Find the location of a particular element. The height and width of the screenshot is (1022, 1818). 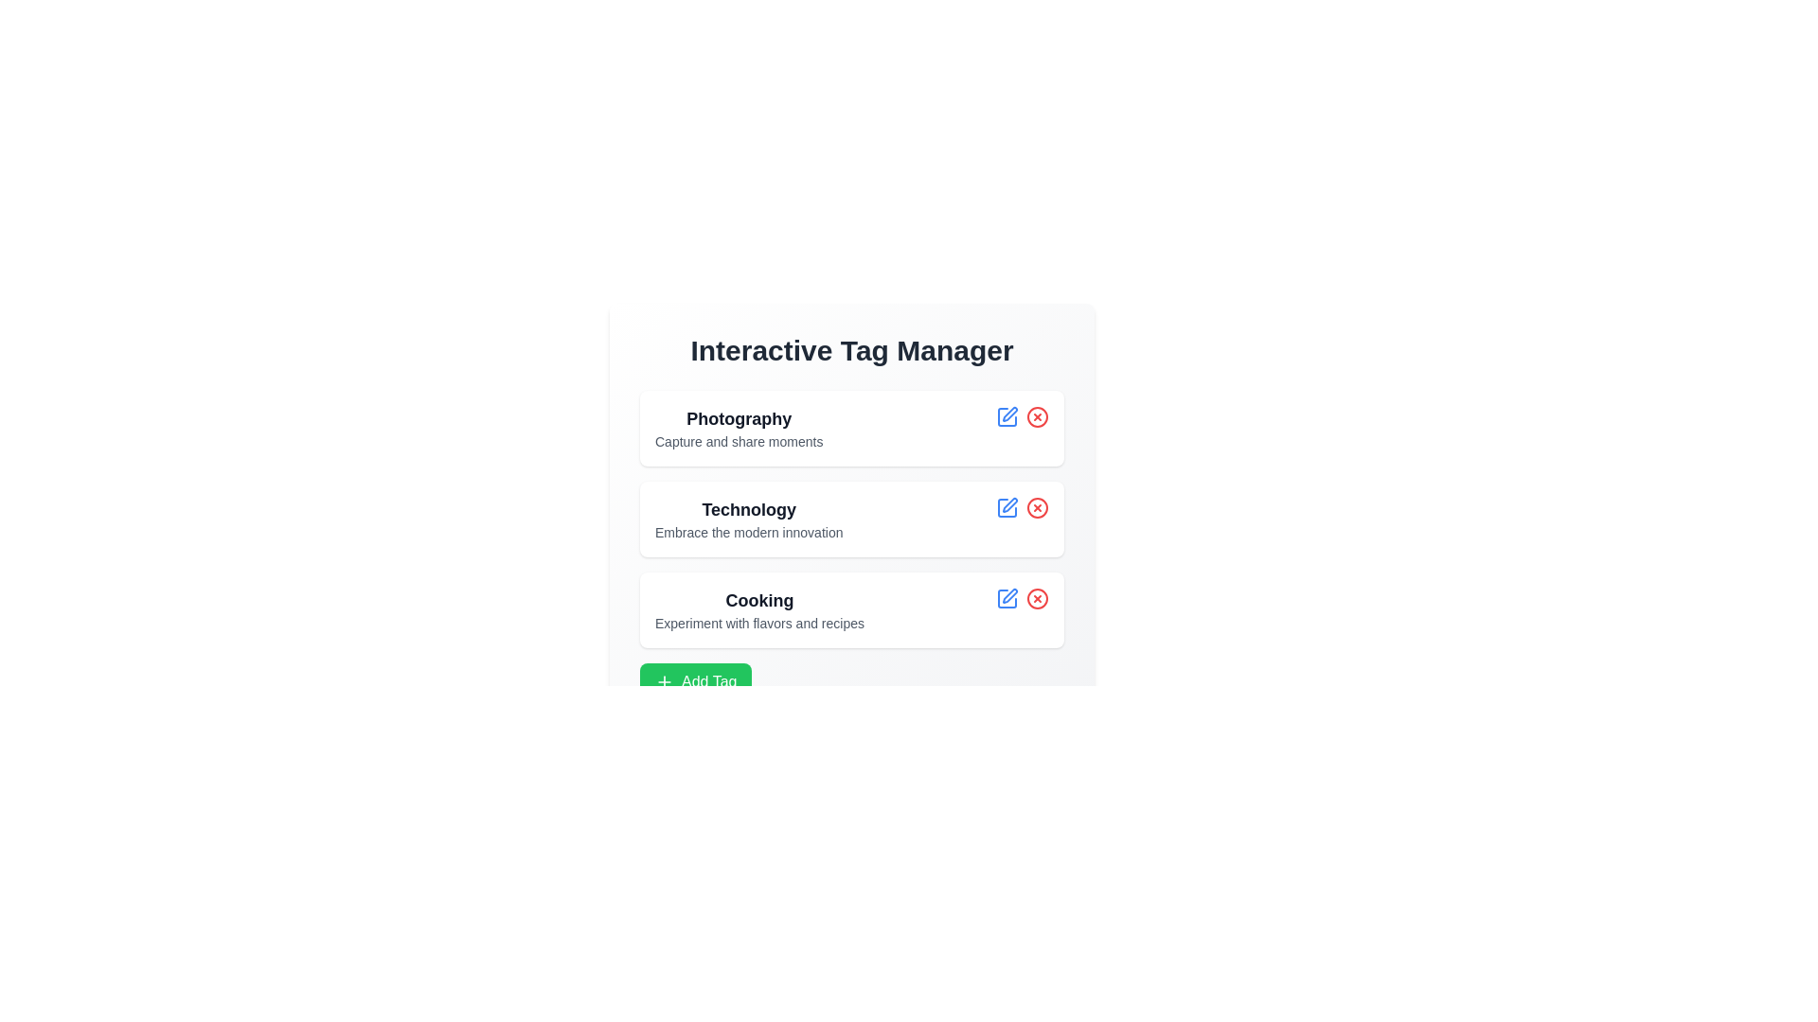

the edit icon located on the right side of the 'Cooking' row to initiate the editing mode is located at coordinates (1007, 598).